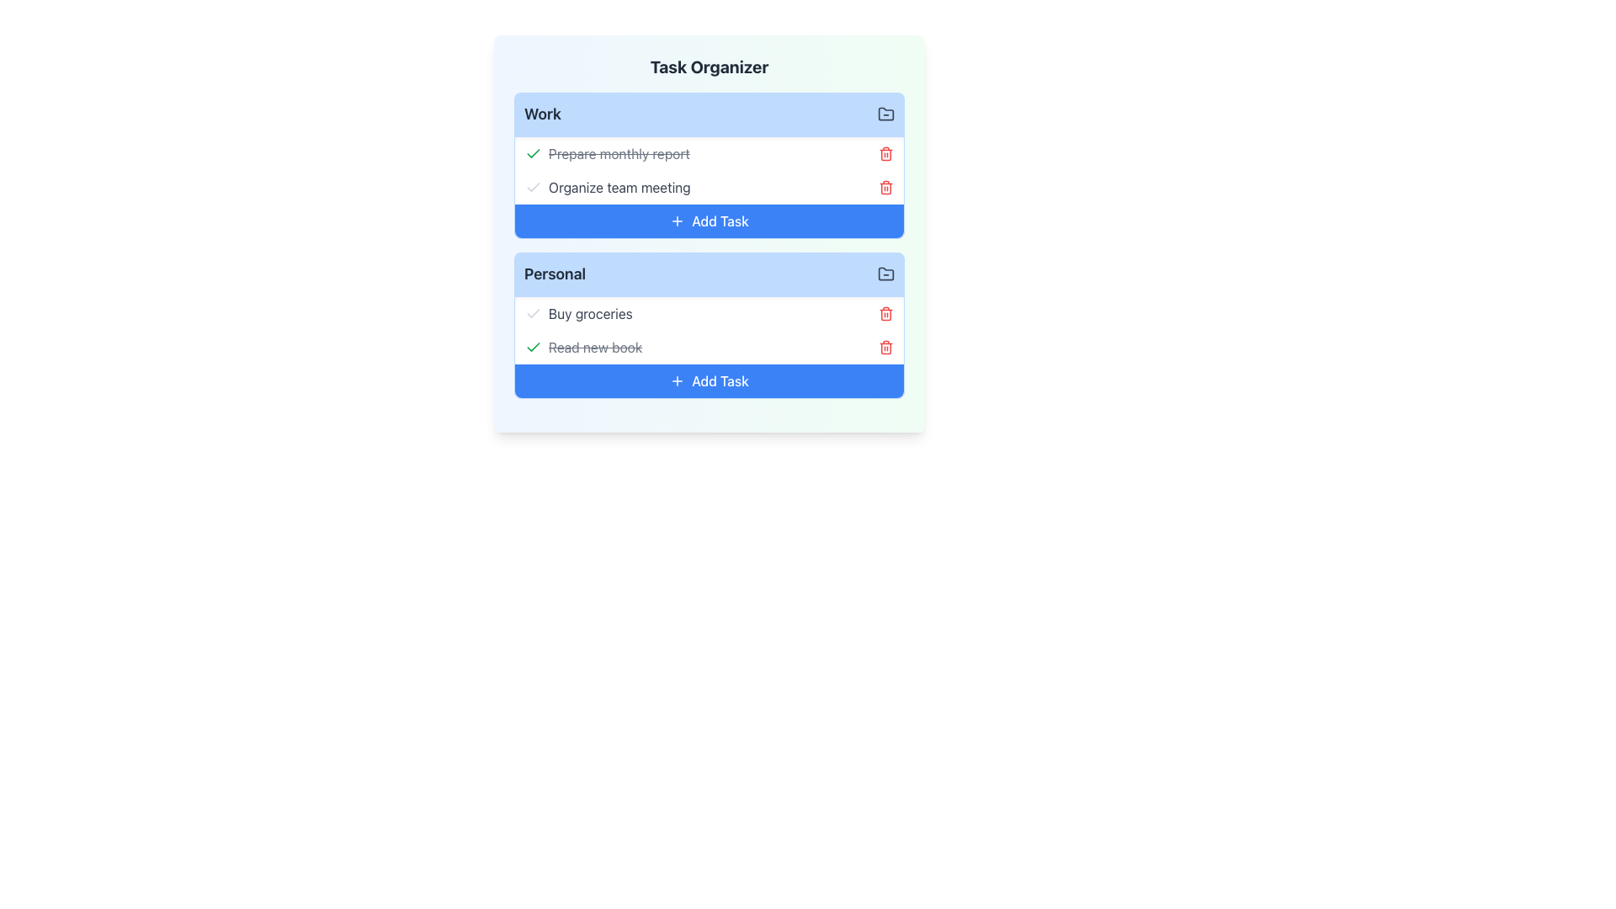  Describe the element at coordinates (678, 220) in the screenshot. I see `the icon located in the center of the 'Add Task' button within the 'Work' category section` at that location.